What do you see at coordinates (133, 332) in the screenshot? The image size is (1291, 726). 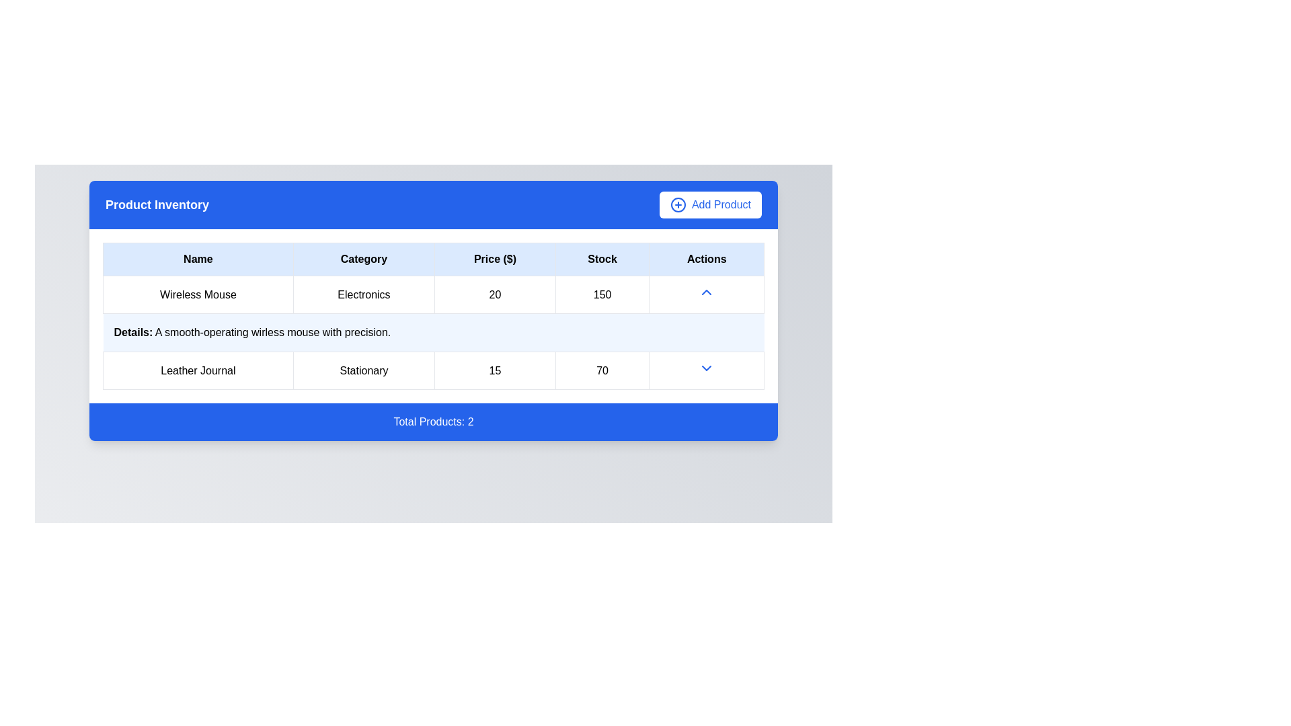 I see `the 'Details:' text label, which introduces the detailed description for the 'Wireless Mouse' item in the product inventory table` at bounding box center [133, 332].